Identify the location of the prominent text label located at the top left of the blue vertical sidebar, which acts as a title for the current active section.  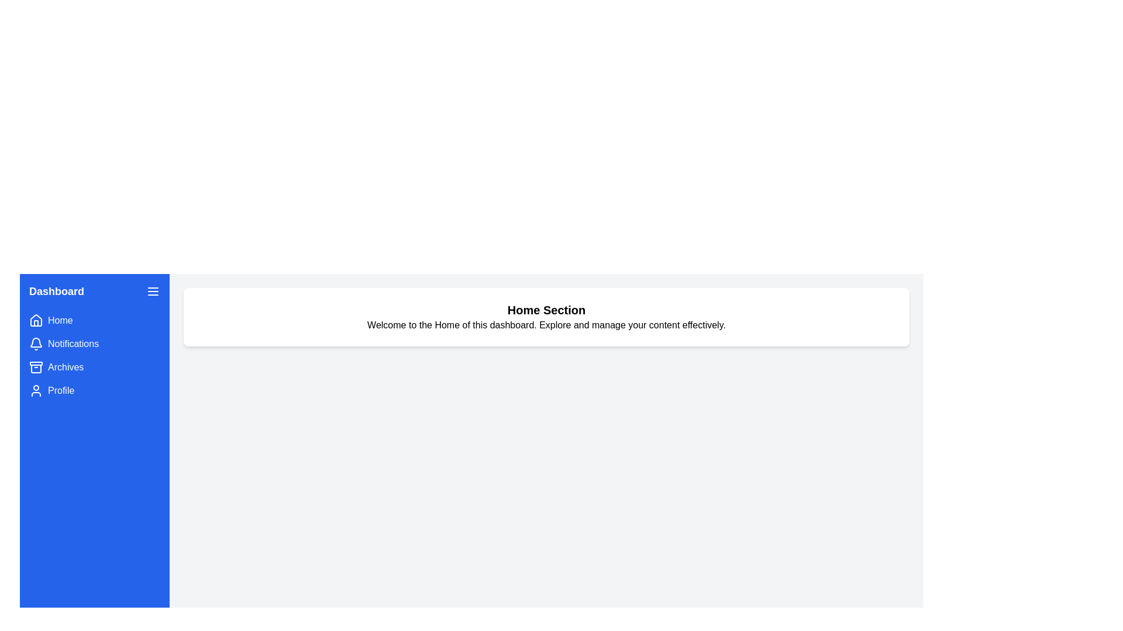
(56, 290).